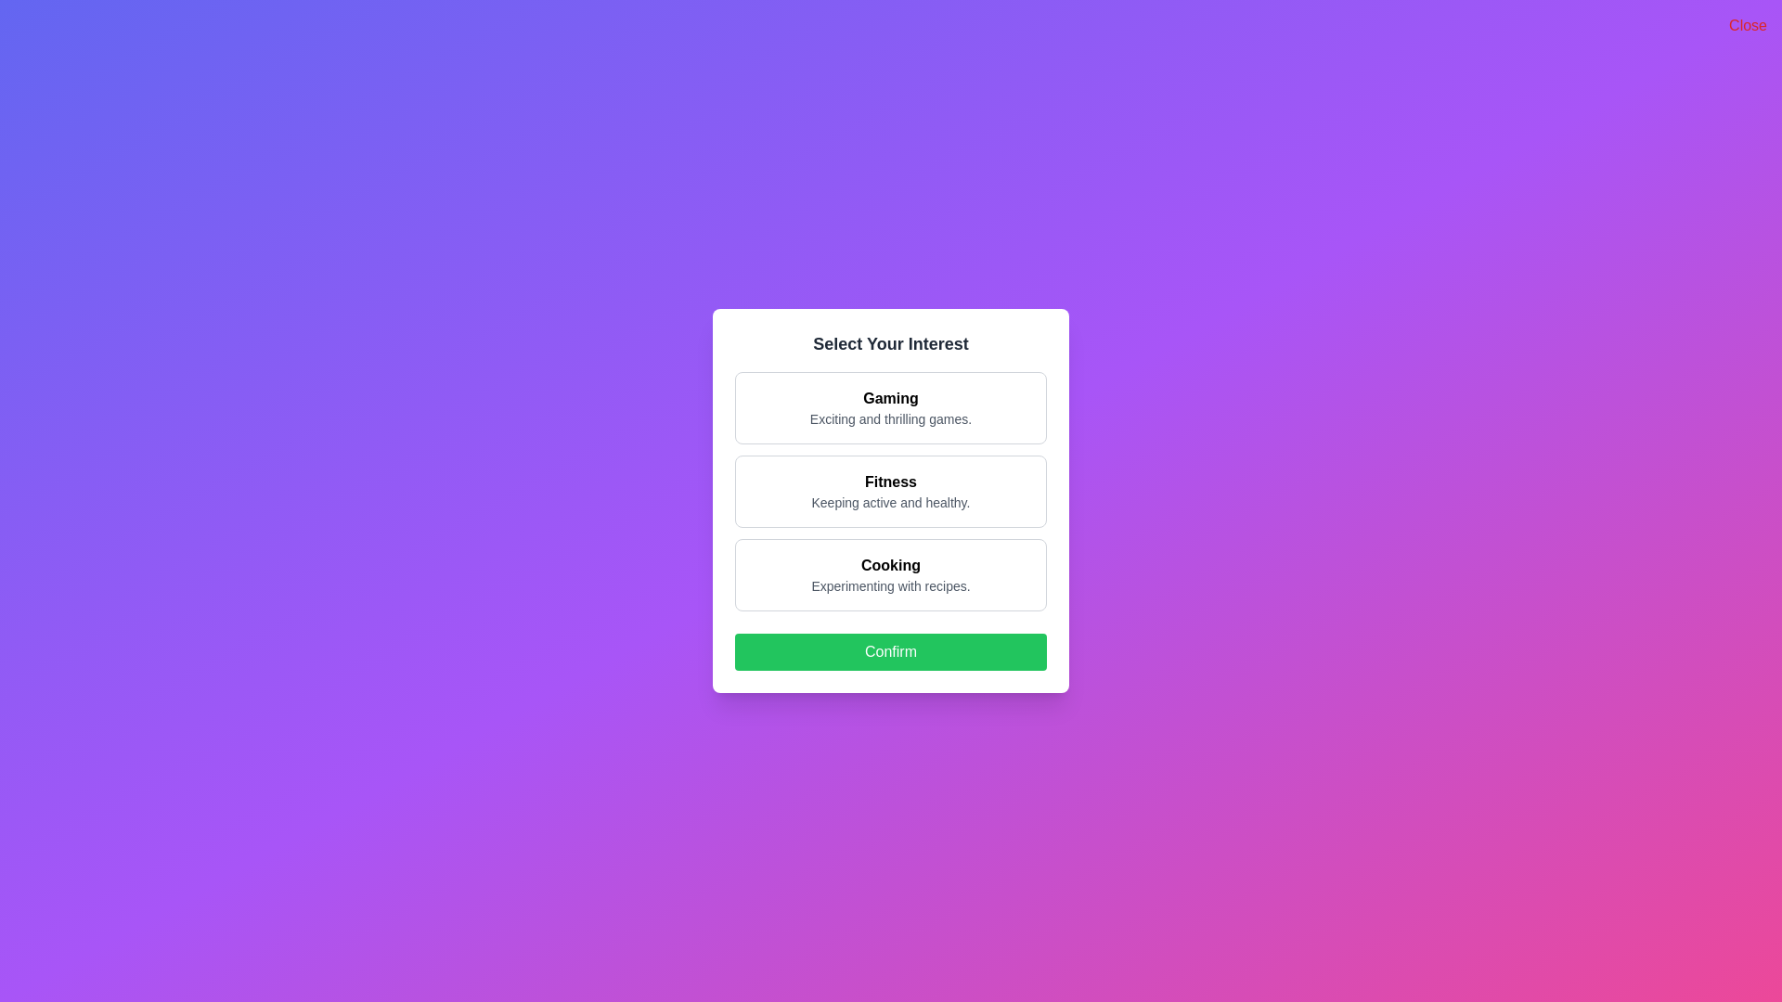 The width and height of the screenshot is (1782, 1002). What do you see at coordinates (891, 406) in the screenshot?
I see `the interest option Gaming to view its hover effect` at bounding box center [891, 406].